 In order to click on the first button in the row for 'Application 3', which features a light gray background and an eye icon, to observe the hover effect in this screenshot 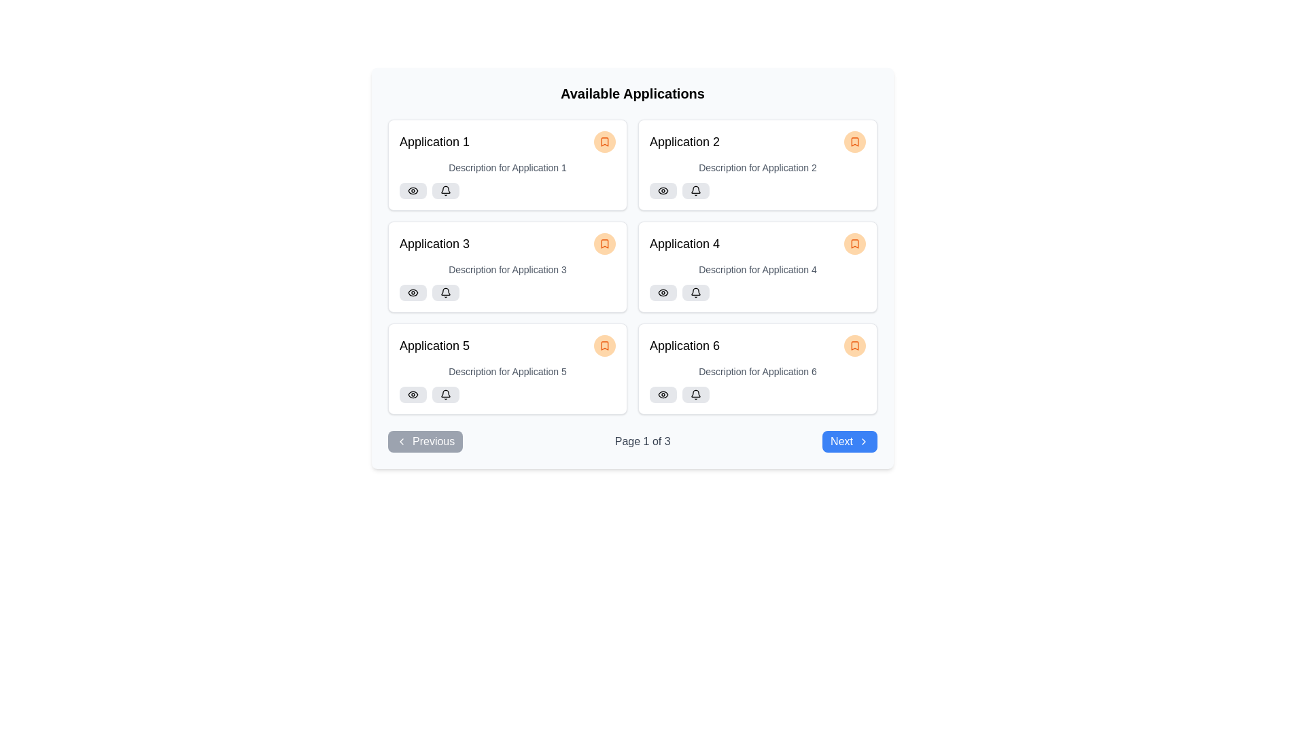, I will do `click(413, 292)`.